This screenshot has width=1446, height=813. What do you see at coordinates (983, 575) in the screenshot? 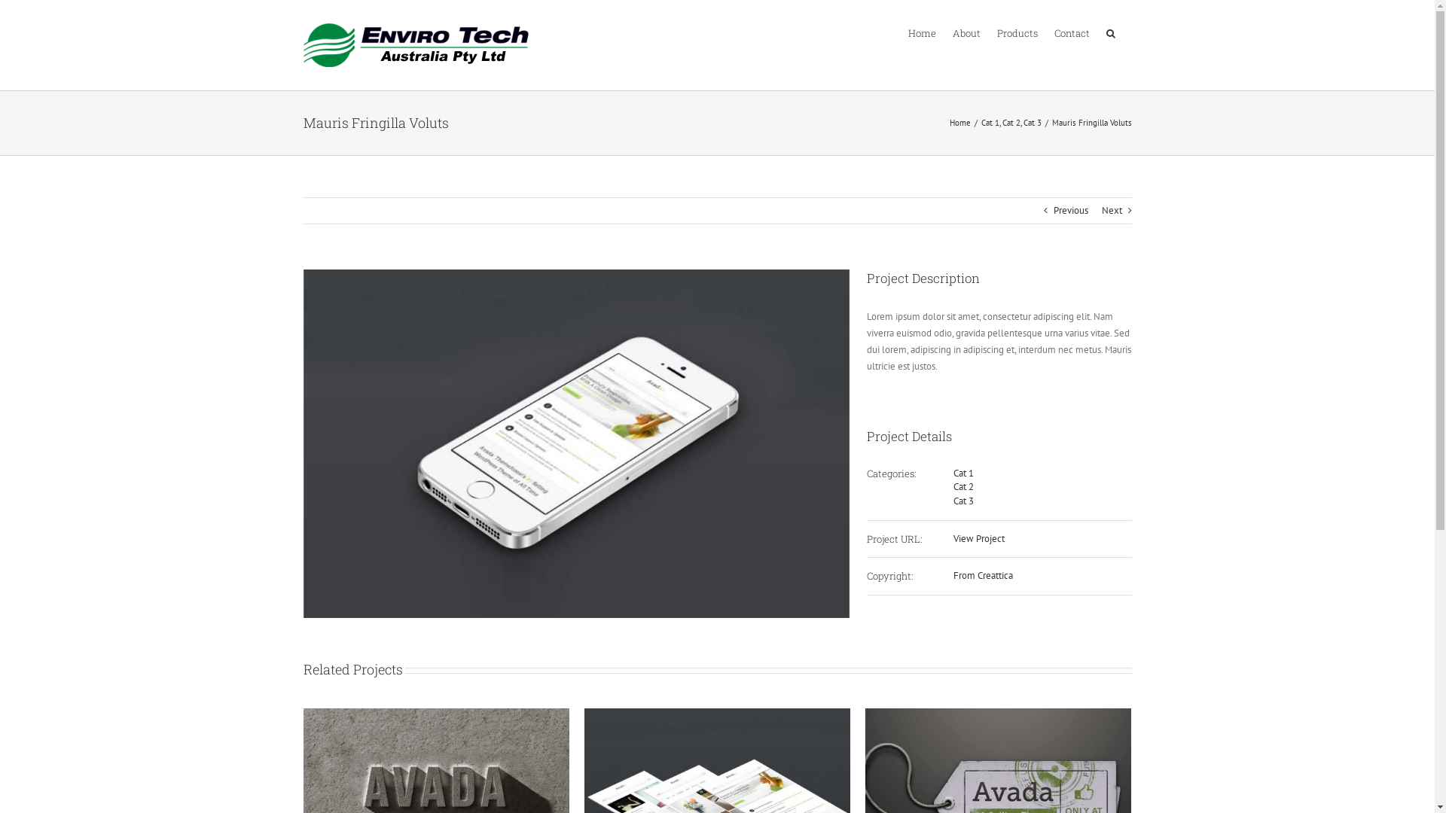
I see `'From Creattica'` at bounding box center [983, 575].